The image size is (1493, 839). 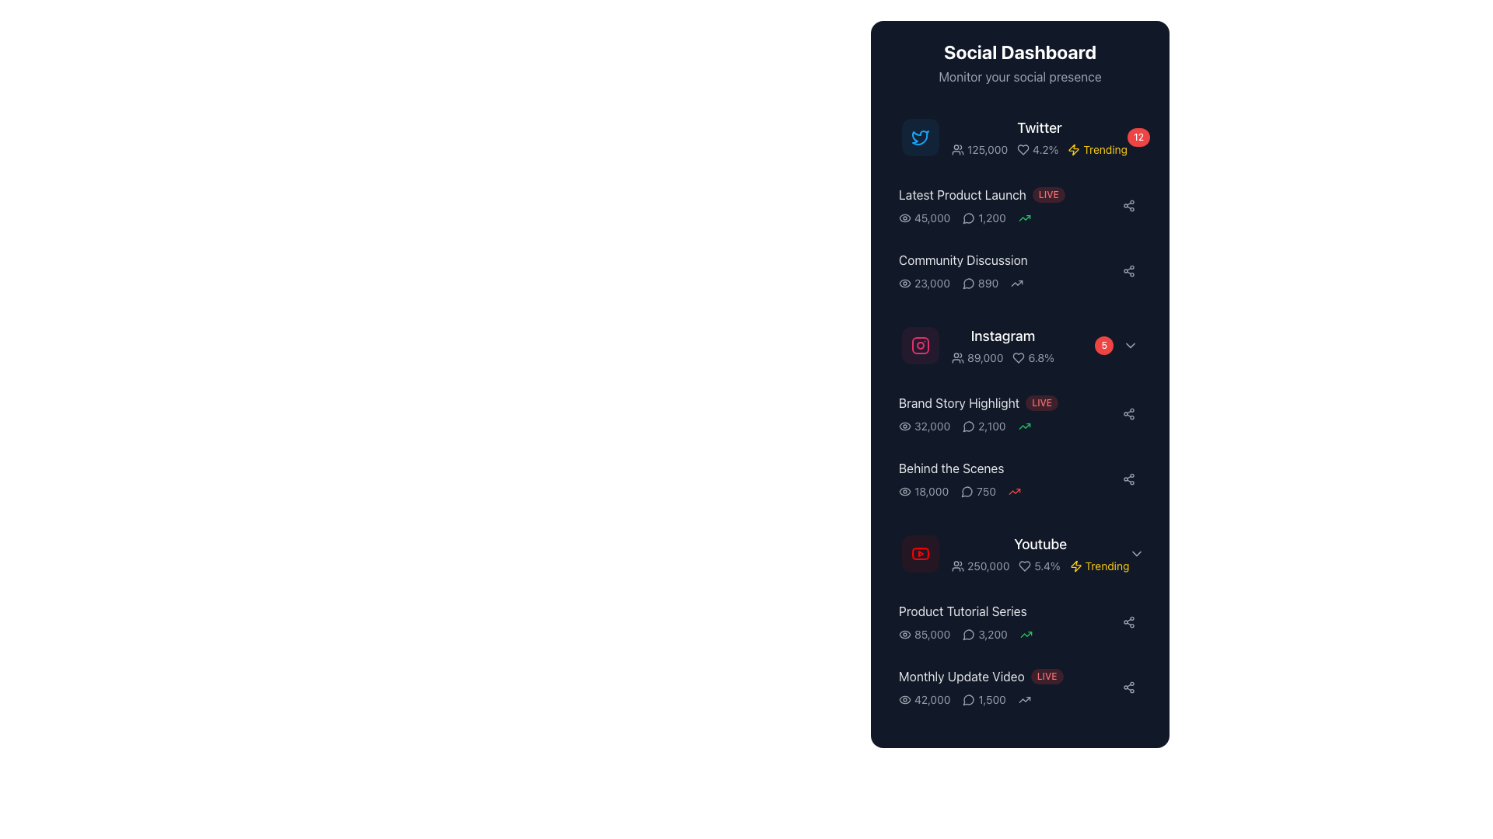 What do you see at coordinates (1040, 127) in the screenshot?
I see `the Static Text Label identifying the Twitter platform in the dashboard, located next to the Twitter icon and above the statistics` at bounding box center [1040, 127].